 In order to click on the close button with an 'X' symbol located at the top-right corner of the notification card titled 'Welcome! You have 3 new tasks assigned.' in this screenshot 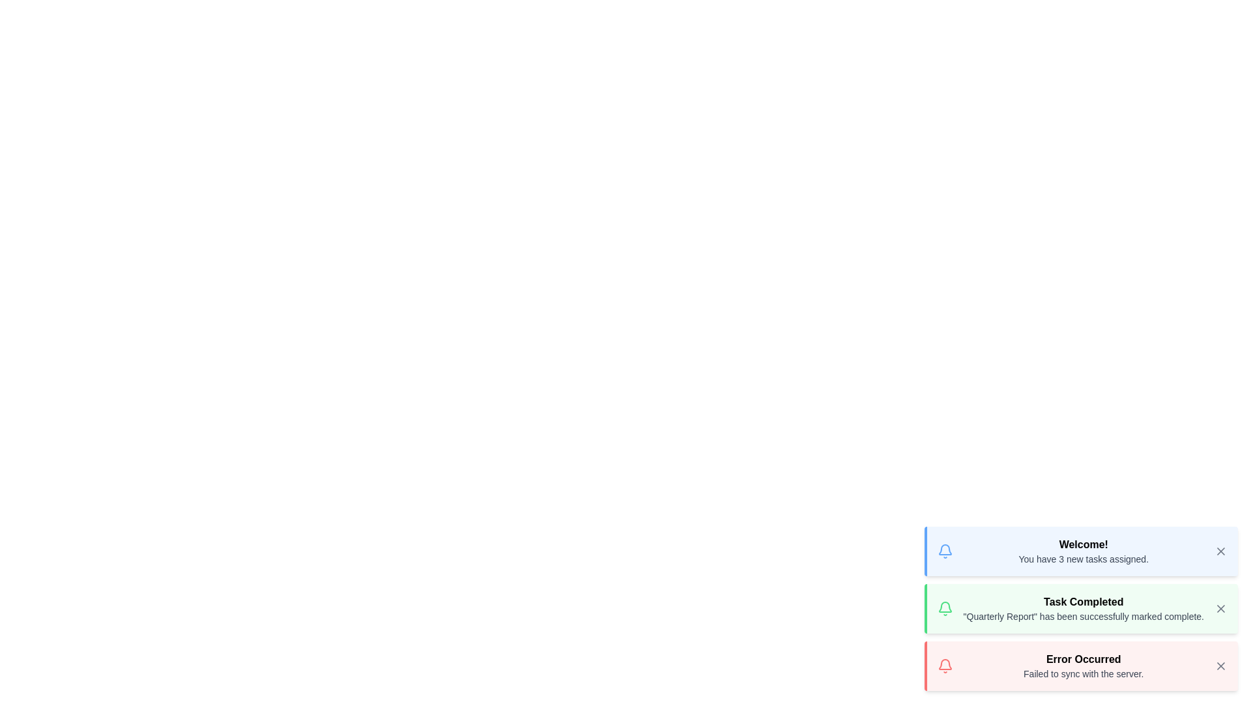, I will do `click(1220, 551)`.